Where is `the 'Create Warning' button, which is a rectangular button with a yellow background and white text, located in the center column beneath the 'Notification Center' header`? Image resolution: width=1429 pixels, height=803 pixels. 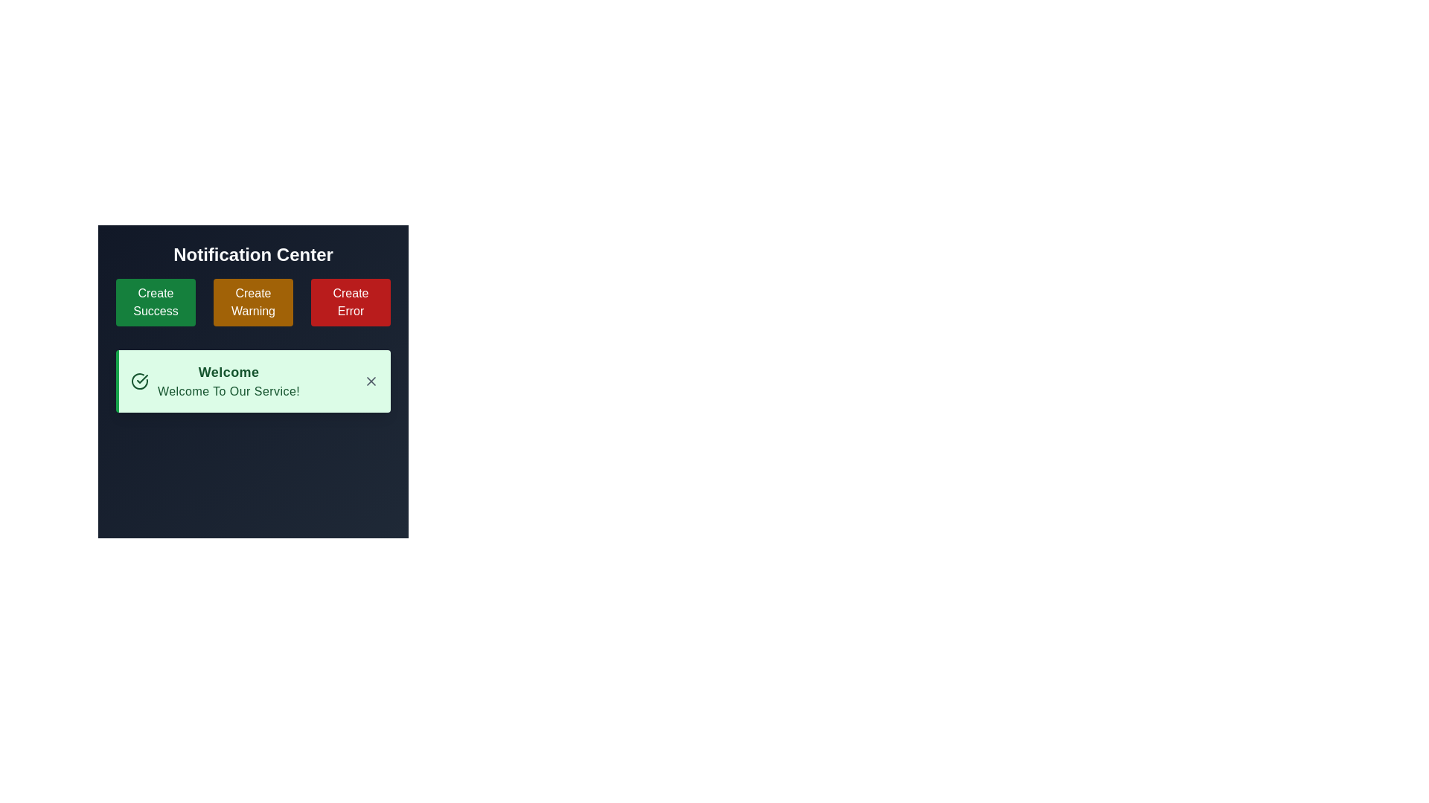 the 'Create Warning' button, which is a rectangular button with a yellow background and white text, located in the center column beneath the 'Notification Center' header is located at coordinates (253, 302).